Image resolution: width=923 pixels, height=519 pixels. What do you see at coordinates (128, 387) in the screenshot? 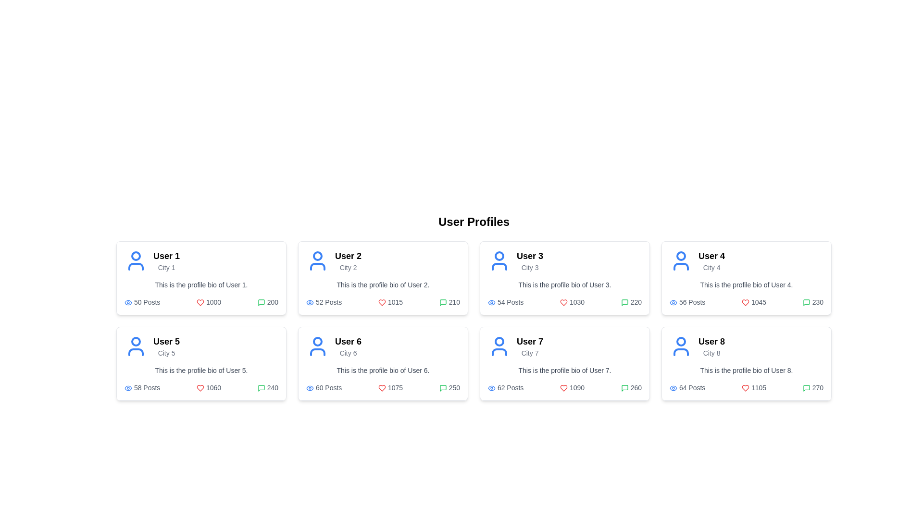
I see `the visibility icon located within the card labeled 'User 5', to the left of the text '58 Posts'` at bounding box center [128, 387].